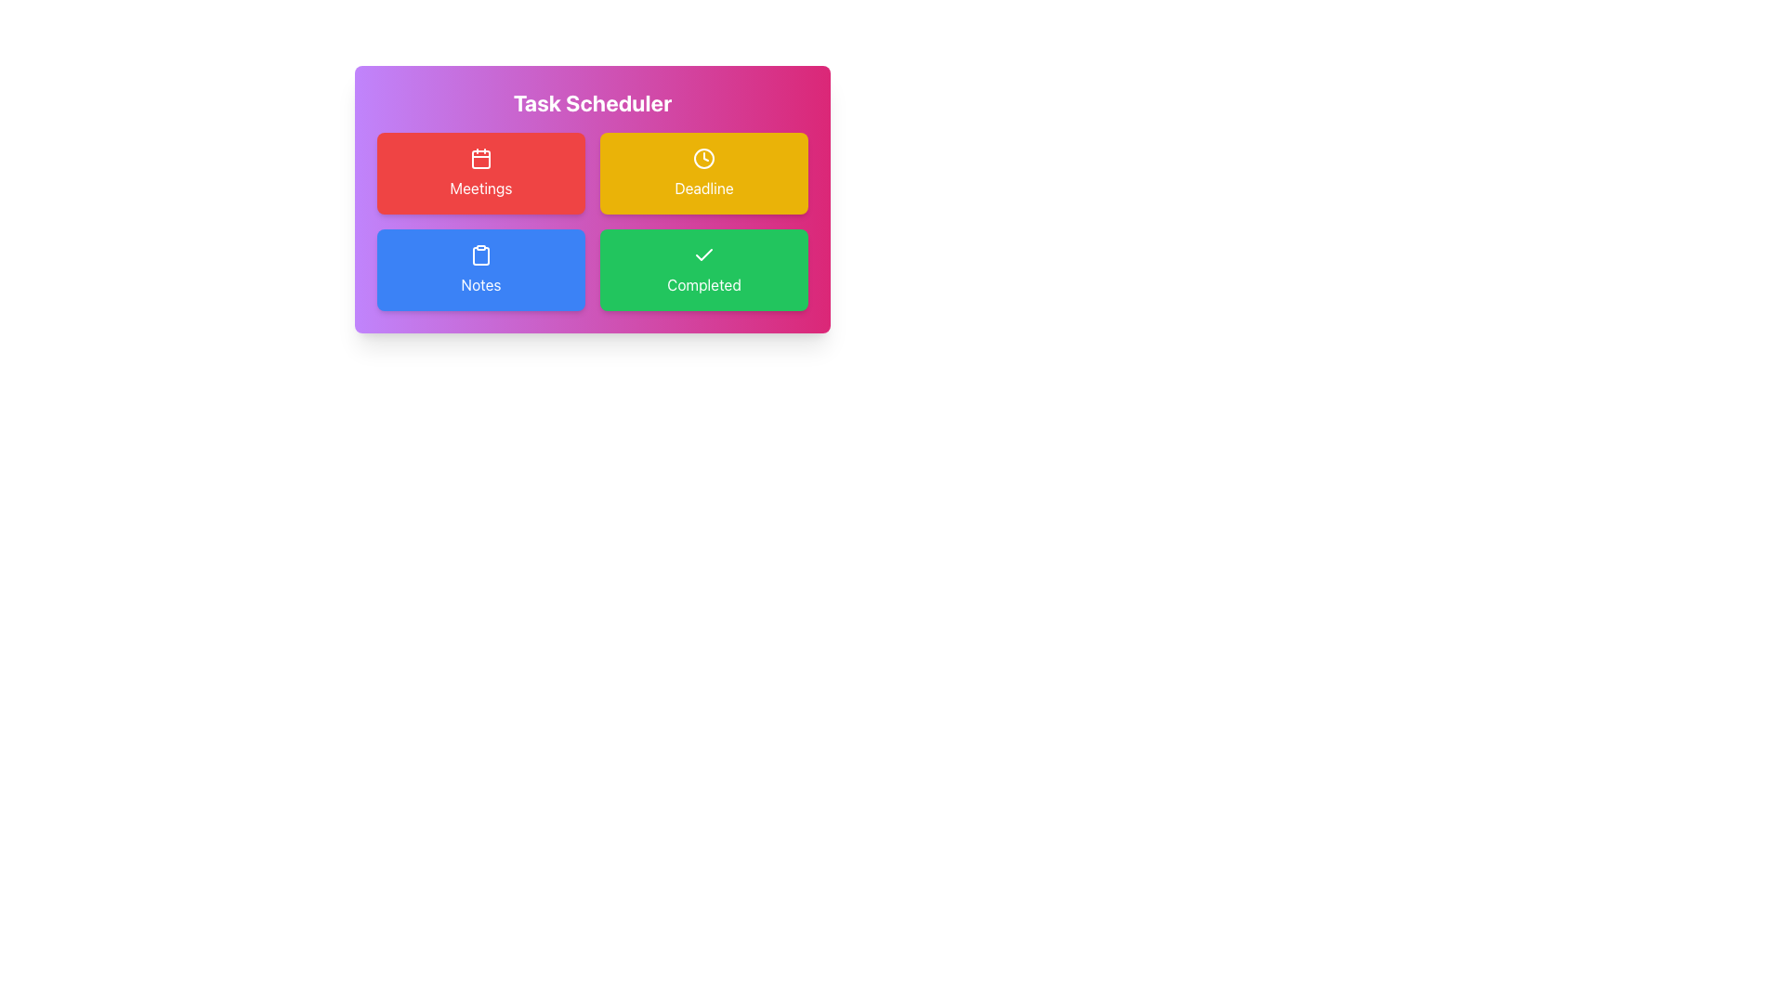  I want to click on checkmark icon located inside the green 'Completed' button in the lower-right corner of the 'Task Scheduler' interface, so click(703, 254).